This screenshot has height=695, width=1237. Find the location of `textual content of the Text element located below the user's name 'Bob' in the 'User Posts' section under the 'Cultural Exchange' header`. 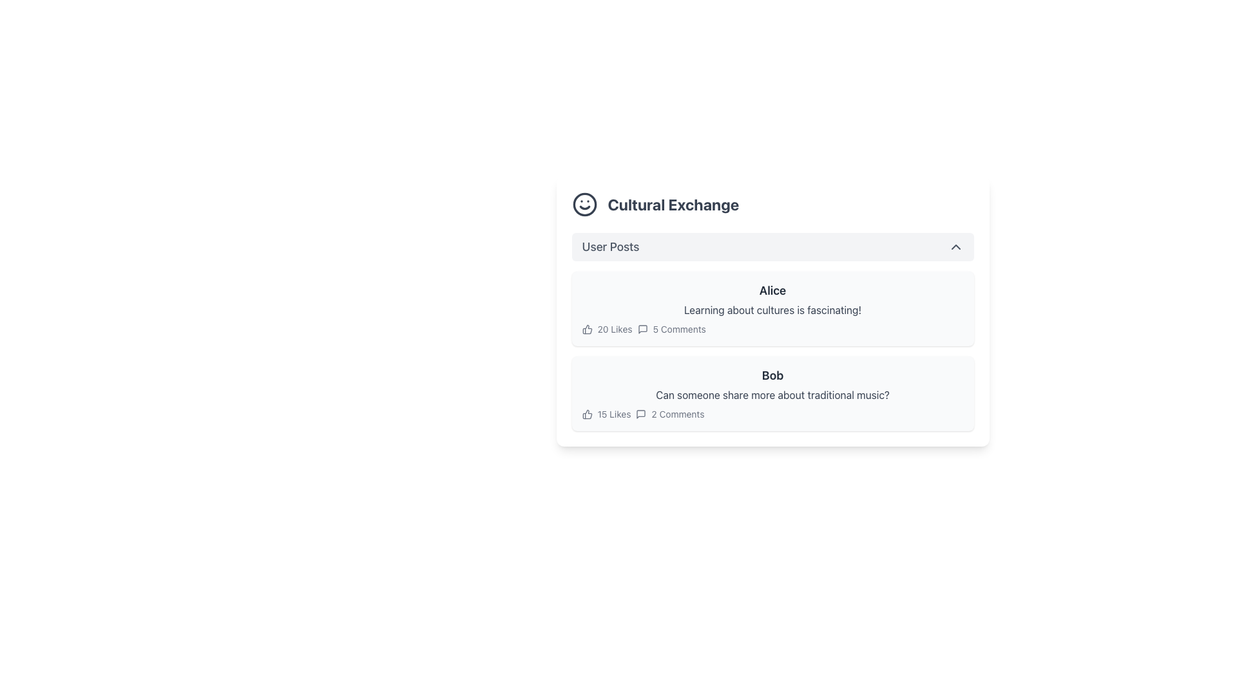

textual content of the Text element located below the user's name 'Bob' in the 'User Posts' section under the 'Cultural Exchange' header is located at coordinates (772, 394).